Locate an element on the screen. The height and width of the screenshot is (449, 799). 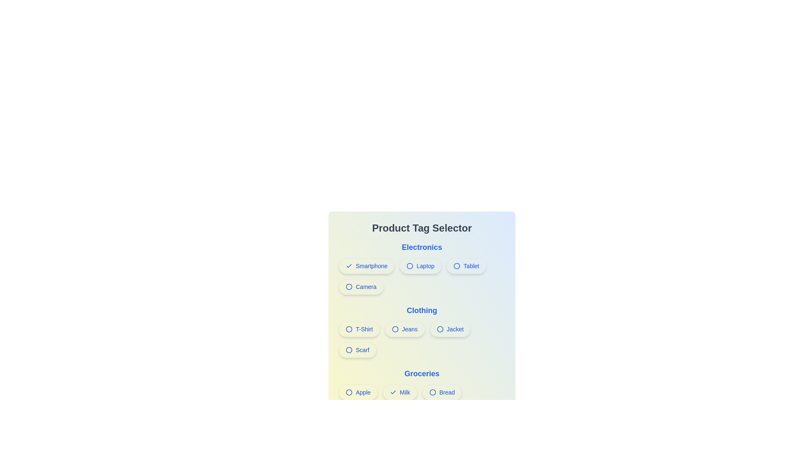
the first SVG circle representing the selectable state of the 'Scarf' tag located in the bottom-left part of the 'Clothing' section is located at coordinates (349, 350).